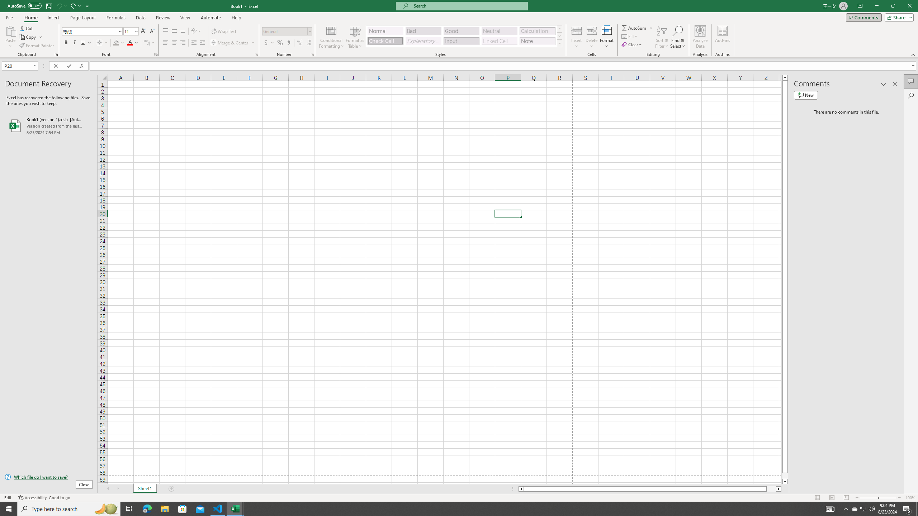 This screenshot has width=918, height=516. Describe the element at coordinates (899, 498) in the screenshot. I see `'Zoom In'` at that location.